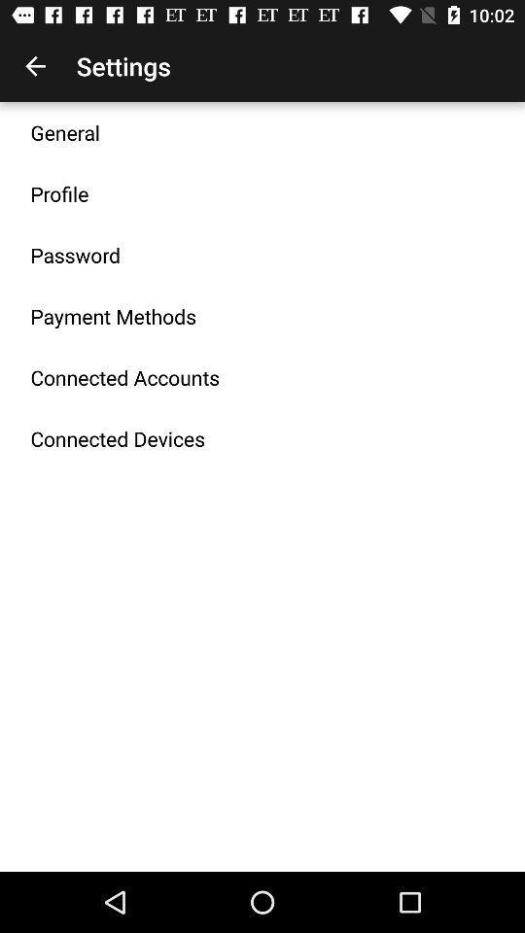 Image resolution: width=525 pixels, height=933 pixels. I want to click on the general icon, so click(65, 131).